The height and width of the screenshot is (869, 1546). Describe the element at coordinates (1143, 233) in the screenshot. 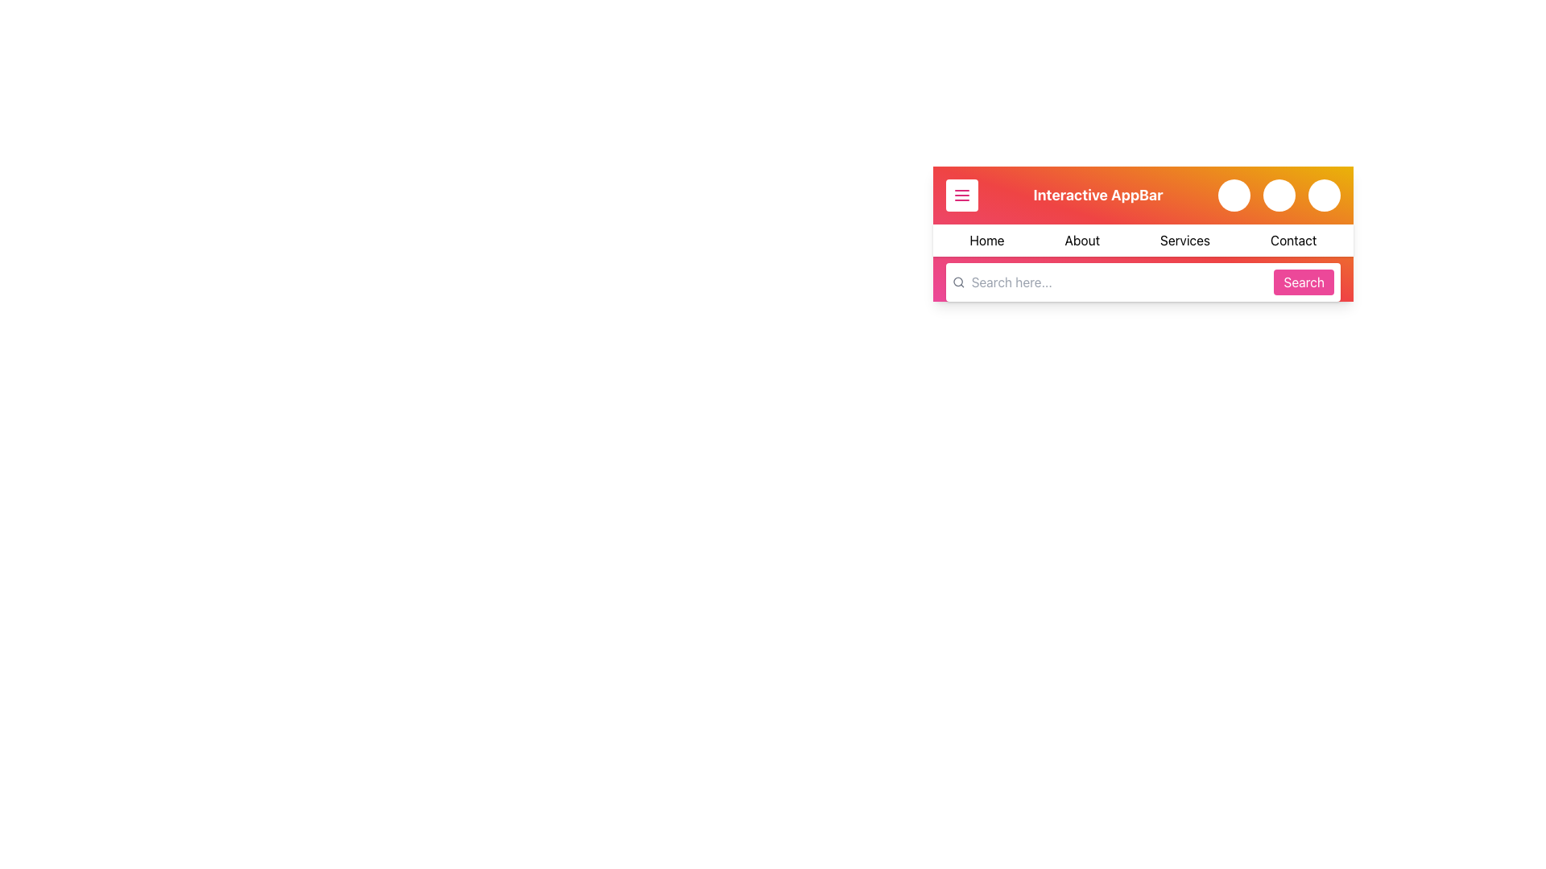

I see `the Navigation Bar labeled 'Interactive AppBar'` at that location.